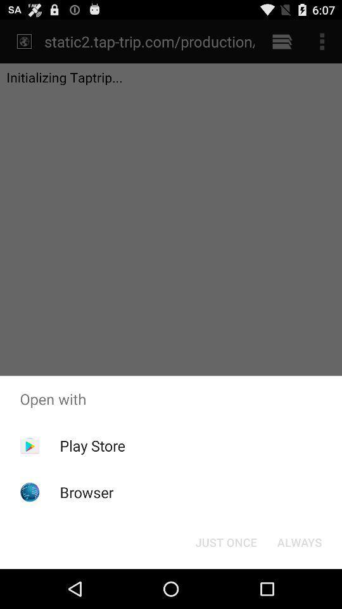 Image resolution: width=342 pixels, height=609 pixels. Describe the element at coordinates (225, 541) in the screenshot. I see `icon below open with item` at that location.